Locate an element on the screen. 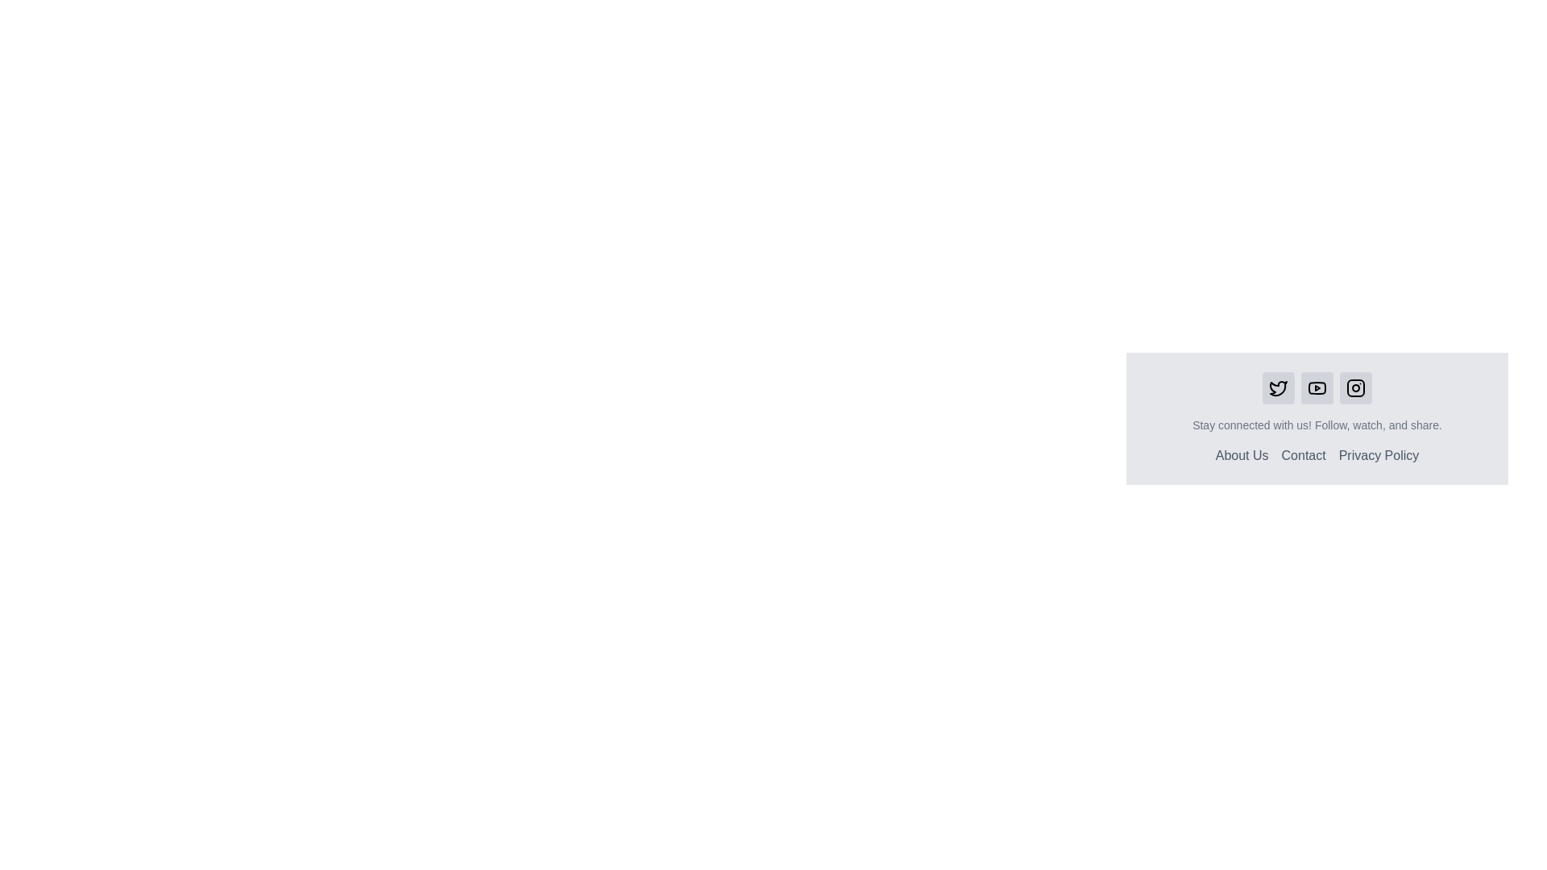 This screenshot has height=870, width=1547. the first hyperlink in the footer's navigation links is located at coordinates (1241, 455).